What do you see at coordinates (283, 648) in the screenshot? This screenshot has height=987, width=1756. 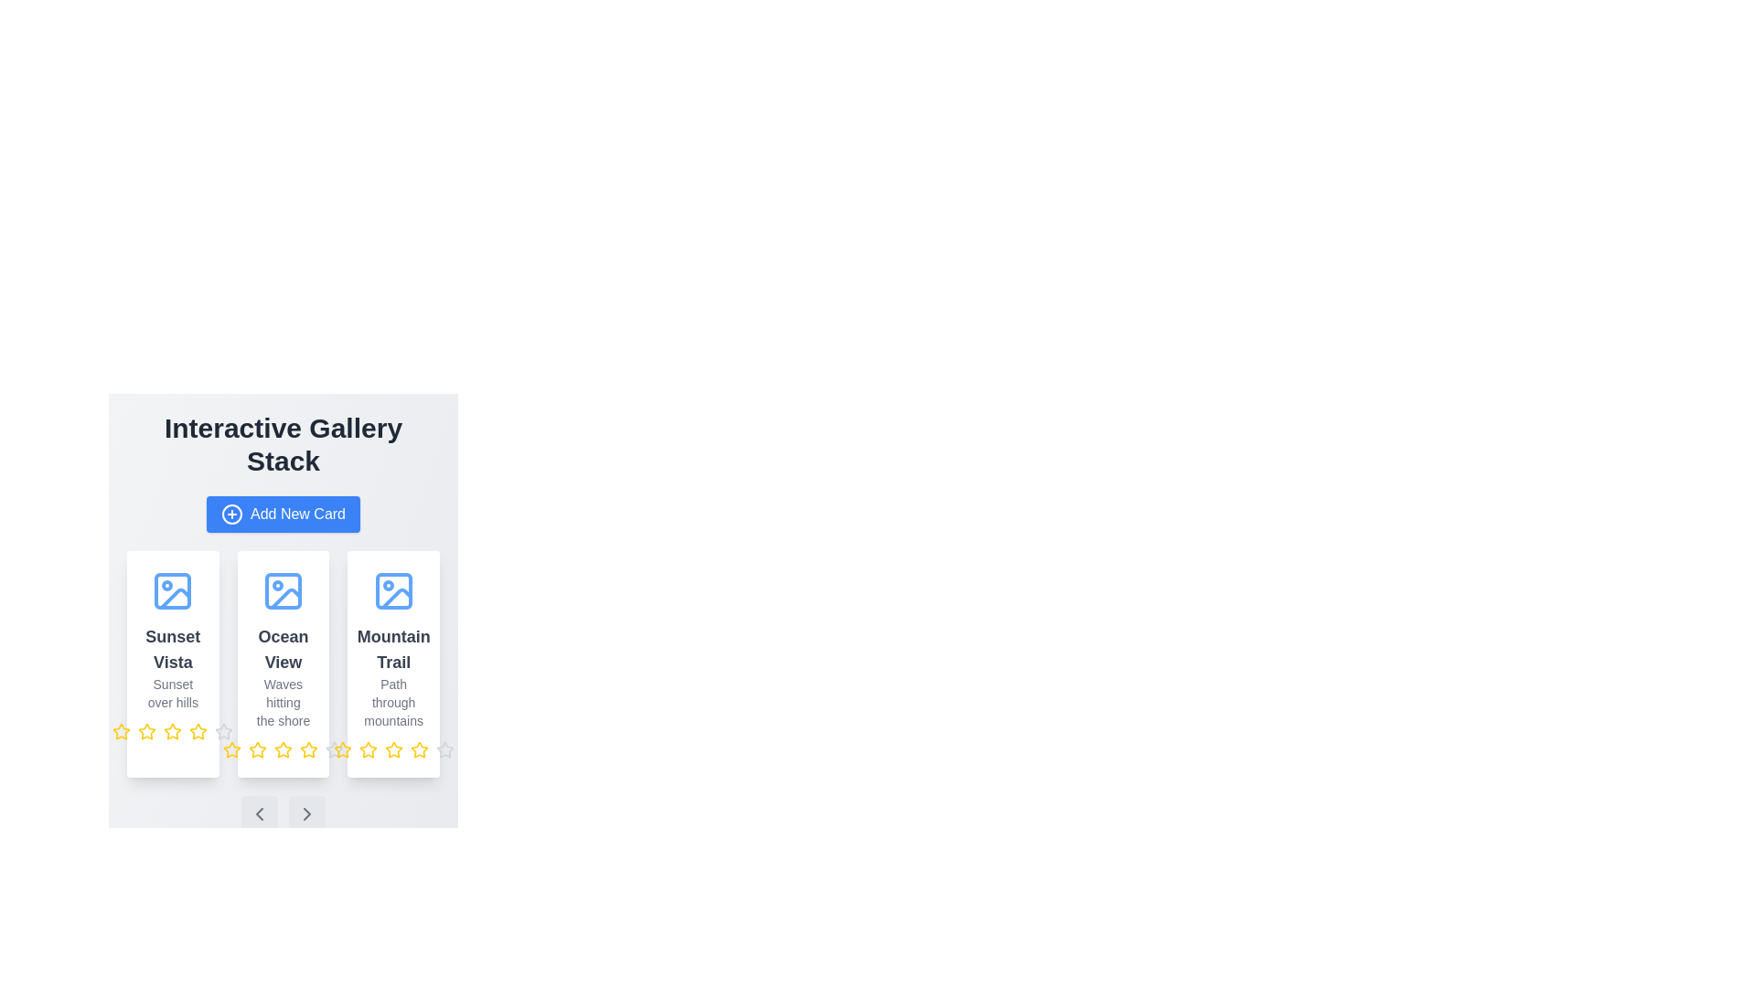 I see `the text label reading 'Ocean View' which is centrally located within the second card of the carousel layout` at bounding box center [283, 648].